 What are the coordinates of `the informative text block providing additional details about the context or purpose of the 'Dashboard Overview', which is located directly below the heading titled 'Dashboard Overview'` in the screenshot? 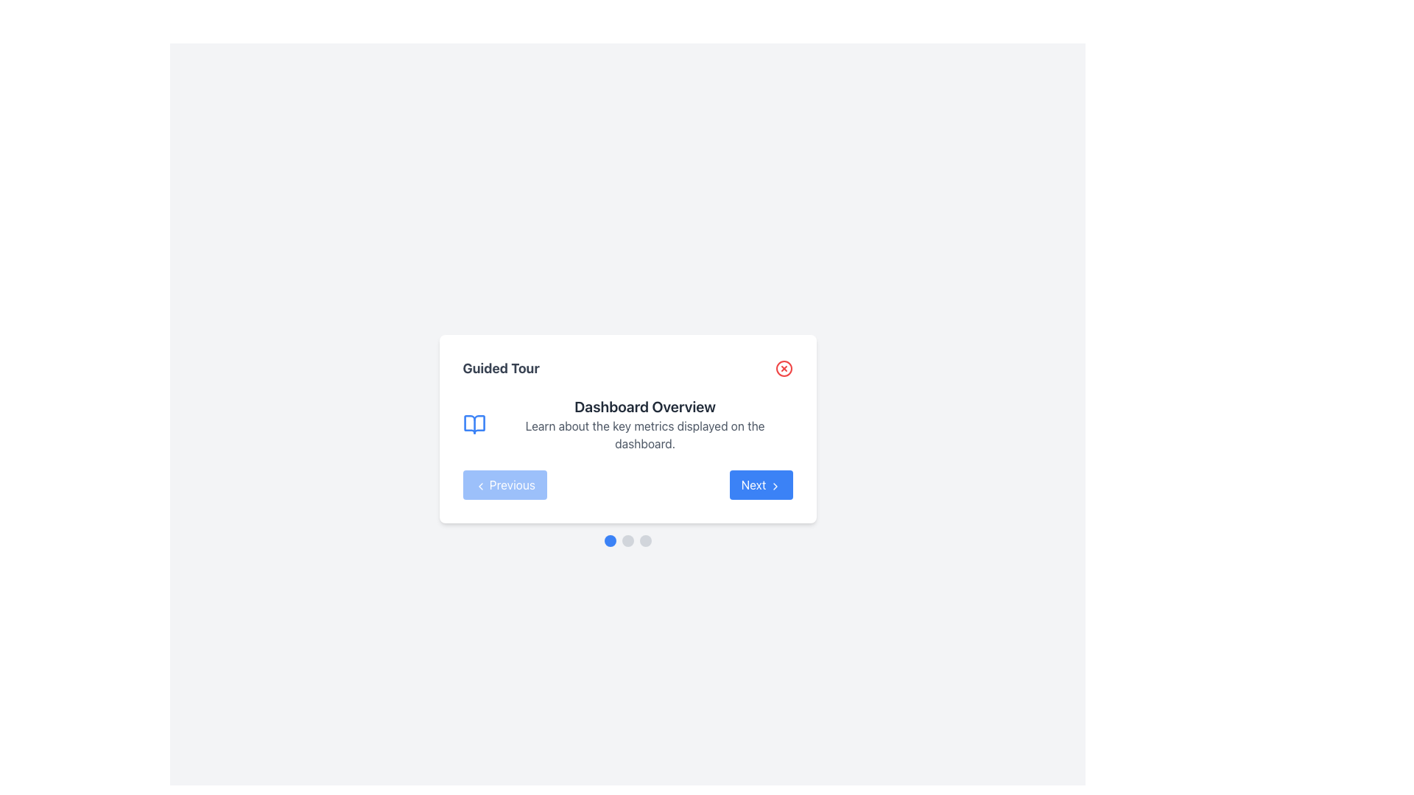 It's located at (645, 434).